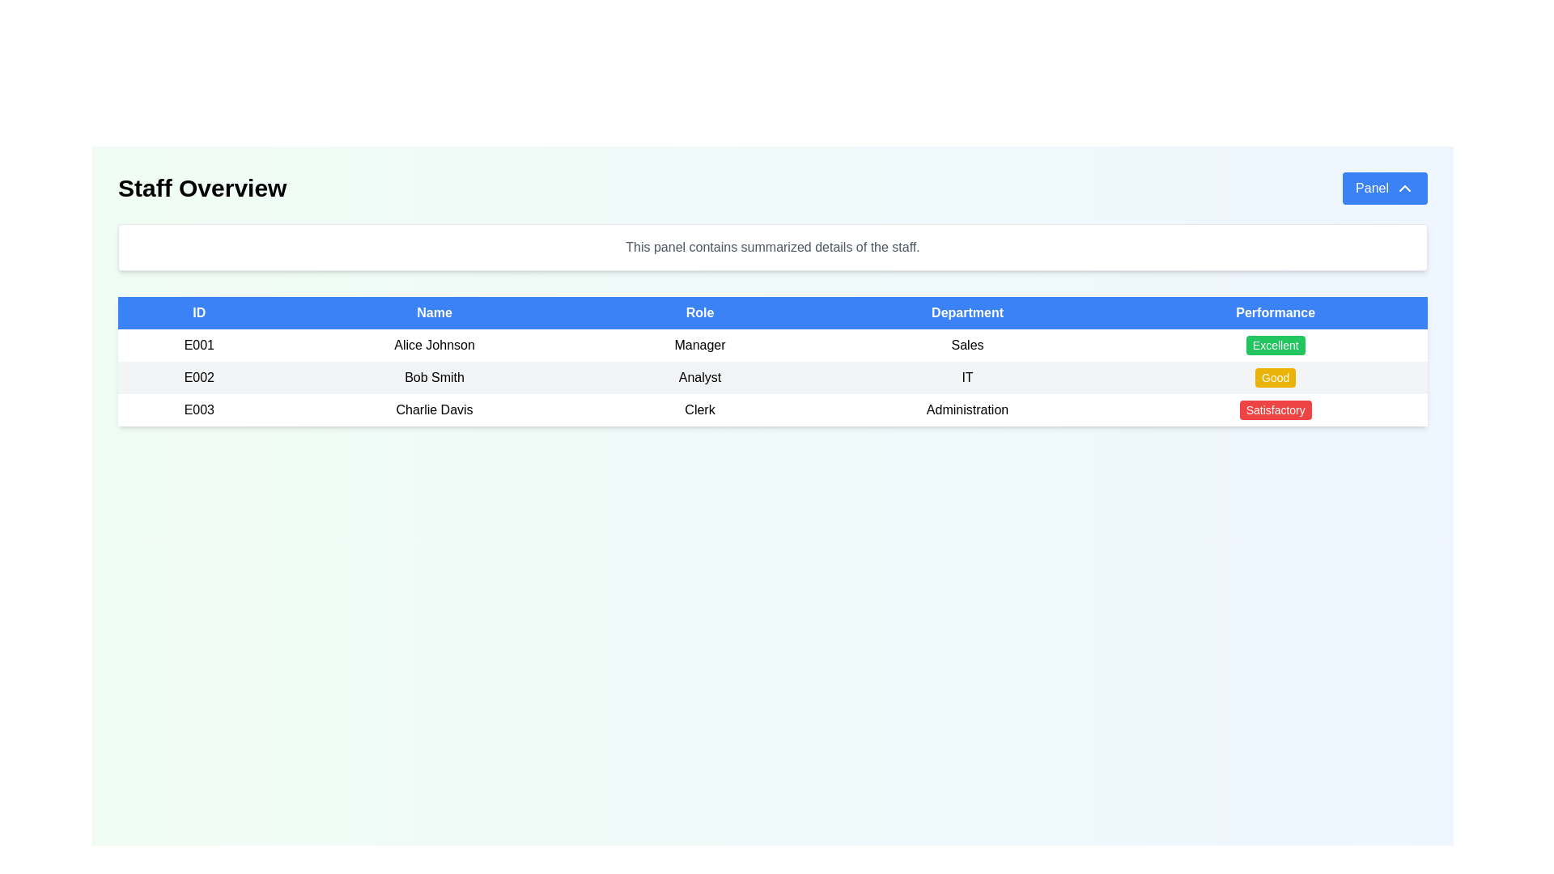  Describe the element at coordinates (1275, 345) in the screenshot. I see `the 'Excellent' label, which is styled with a bold white font on a green rounded background, located in the 'Performance' column of the first row in the table` at that location.